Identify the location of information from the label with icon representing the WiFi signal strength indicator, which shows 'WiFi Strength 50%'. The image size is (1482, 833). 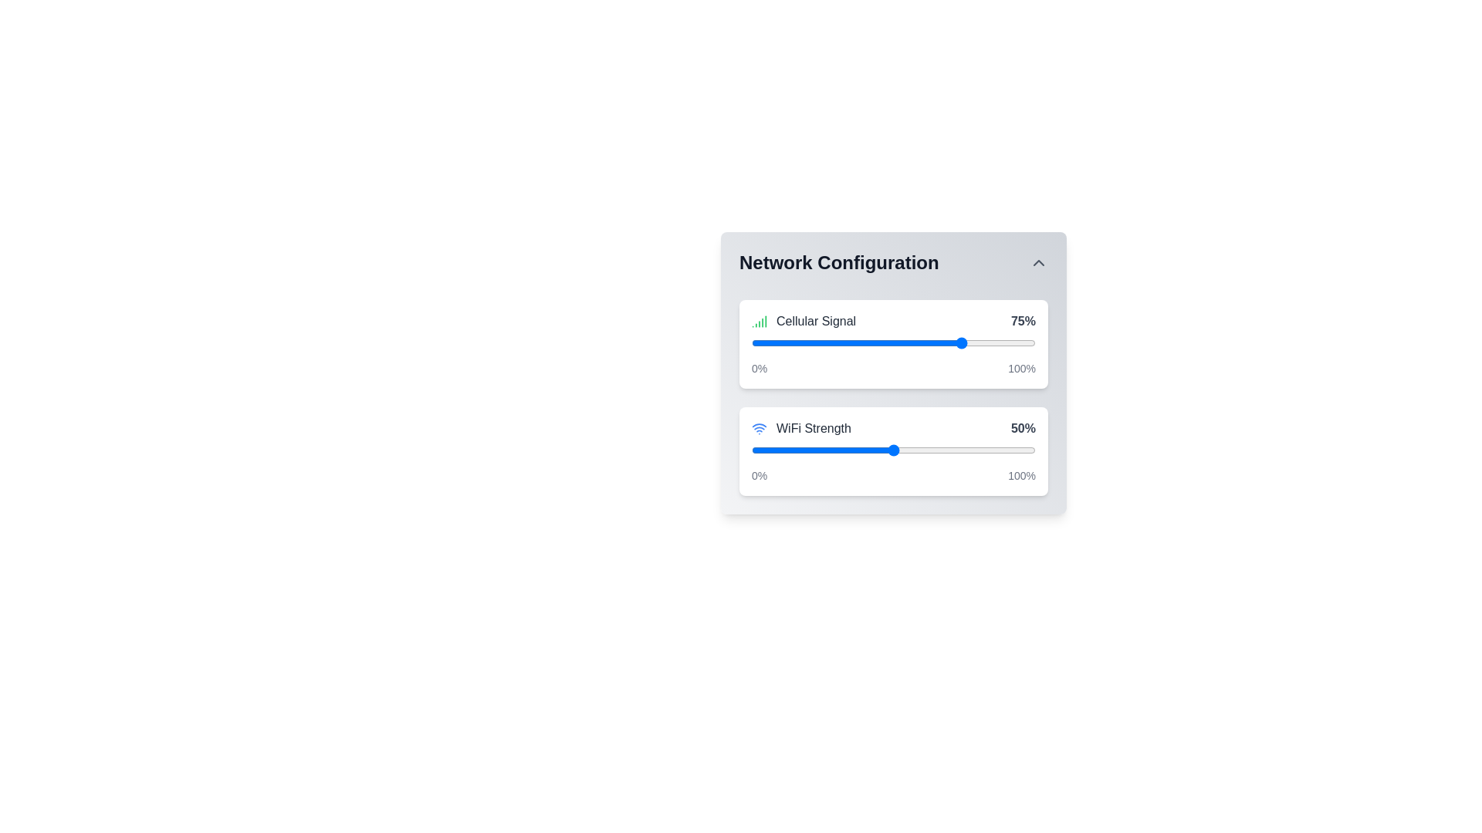
(801, 428).